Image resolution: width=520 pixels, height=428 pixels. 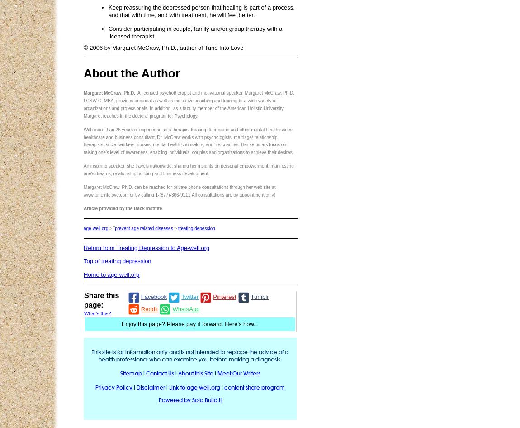 I want to click on 'Disclaimer', so click(x=151, y=387).